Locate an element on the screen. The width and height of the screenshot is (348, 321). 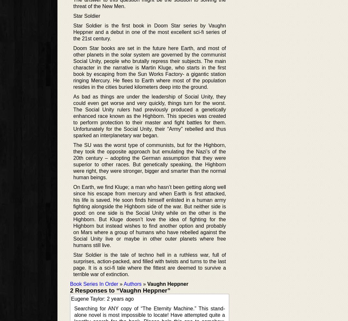
'The SU was the worst type of communists, but for the Highborn, they took the opposite approach but emulating the Nazi’s of the 20th century – adopting the German assumption that they were superior to other races. But genetically speaking, the Highborn were right, they were stronger, bigger and smarter than the normal human beings.' is located at coordinates (149, 161).